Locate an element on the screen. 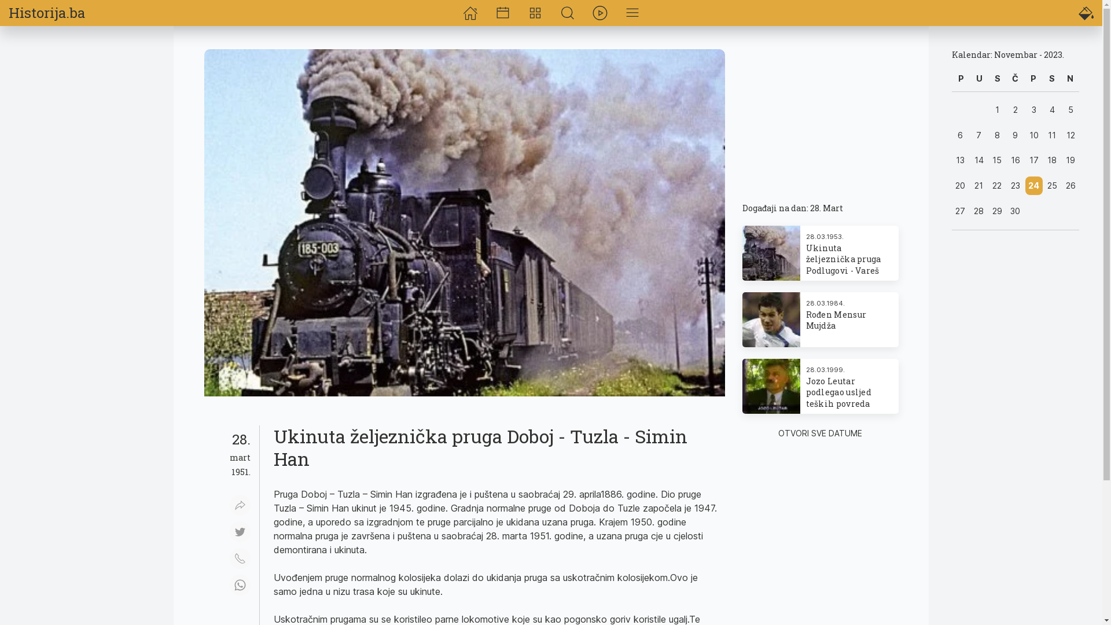 Image resolution: width=1111 pixels, height=625 pixels. 'OTVORI SVE DATUME' is located at coordinates (778, 433).